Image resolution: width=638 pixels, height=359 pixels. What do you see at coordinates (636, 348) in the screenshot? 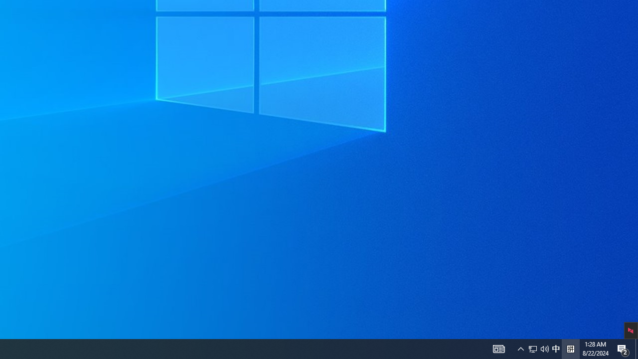
I see `'Show desktop'` at bounding box center [636, 348].